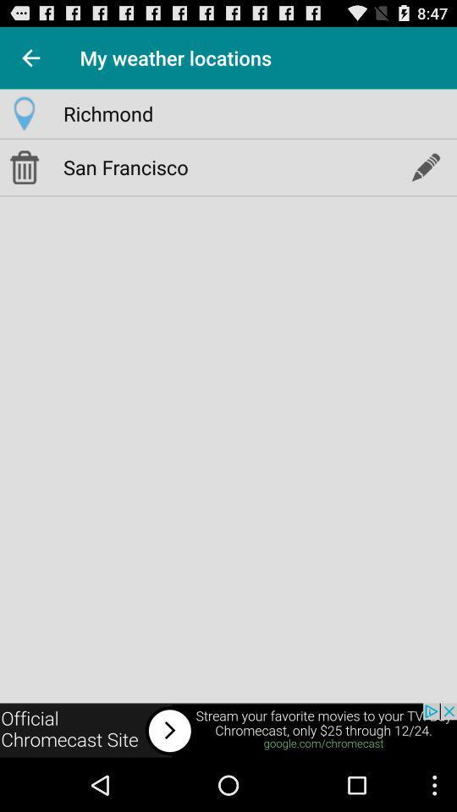 Image resolution: width=457 pixels, height=812 pixels. What do you see at coordinates (30, 58) in the screenshot?
I see `previous` at bounding box center [30, 58].